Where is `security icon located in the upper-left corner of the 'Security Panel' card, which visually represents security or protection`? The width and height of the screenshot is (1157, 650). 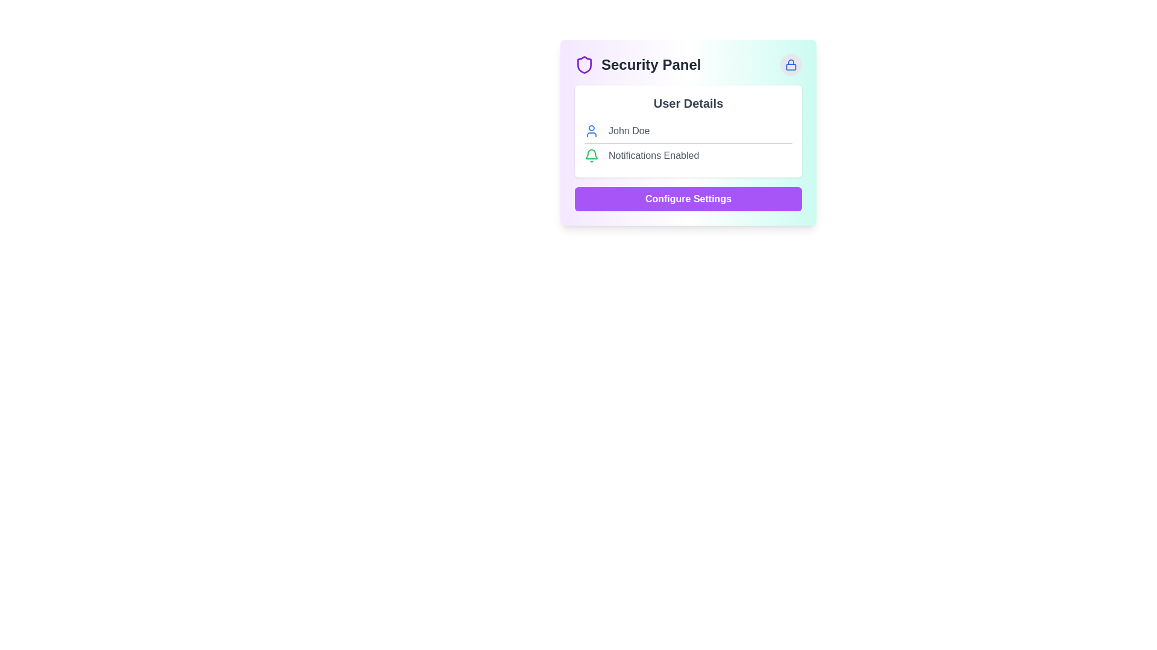 security icon located in the upper-left corner of the 'Security Panel' card, which visually represents security or protection is located at coordinates (584, 65).